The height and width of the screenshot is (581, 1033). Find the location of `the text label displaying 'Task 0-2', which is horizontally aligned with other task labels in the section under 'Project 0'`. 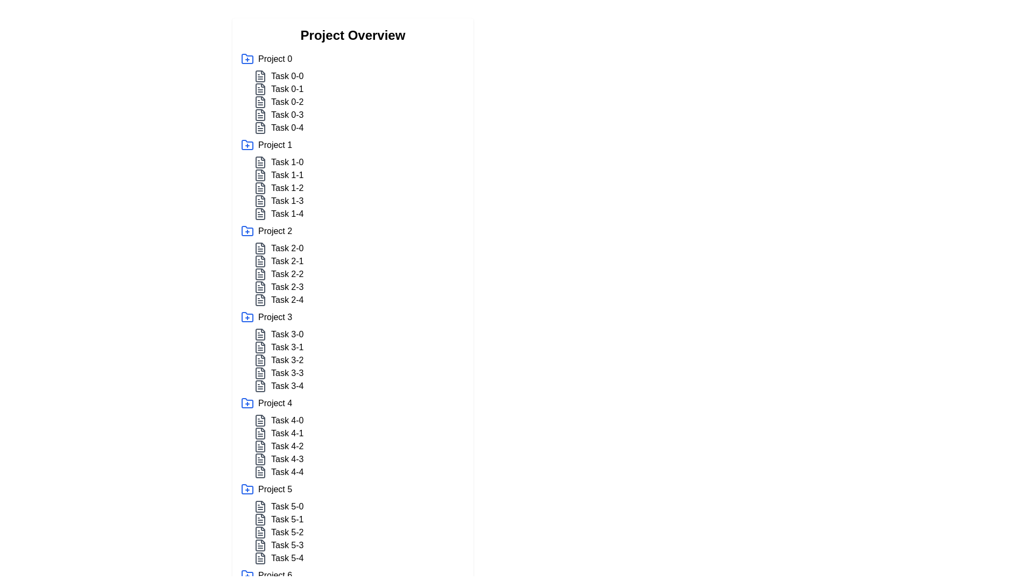

the text label displaying 'Task 0-2', which is horizontally aligned with other task labels in the section under 'Project 0' is located at coordinates (287, 102).